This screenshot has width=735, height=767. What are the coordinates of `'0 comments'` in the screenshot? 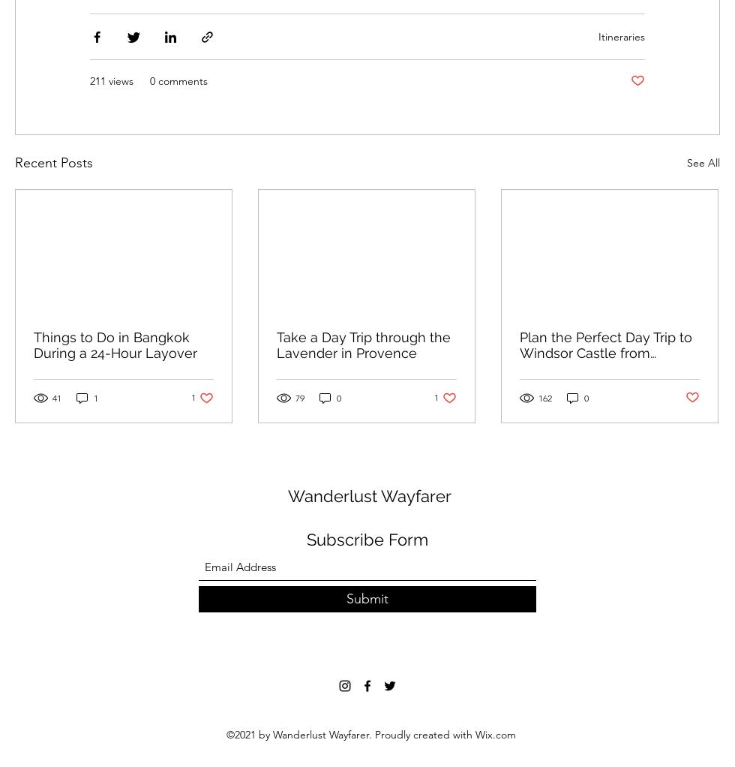 It's located at (178, 80).